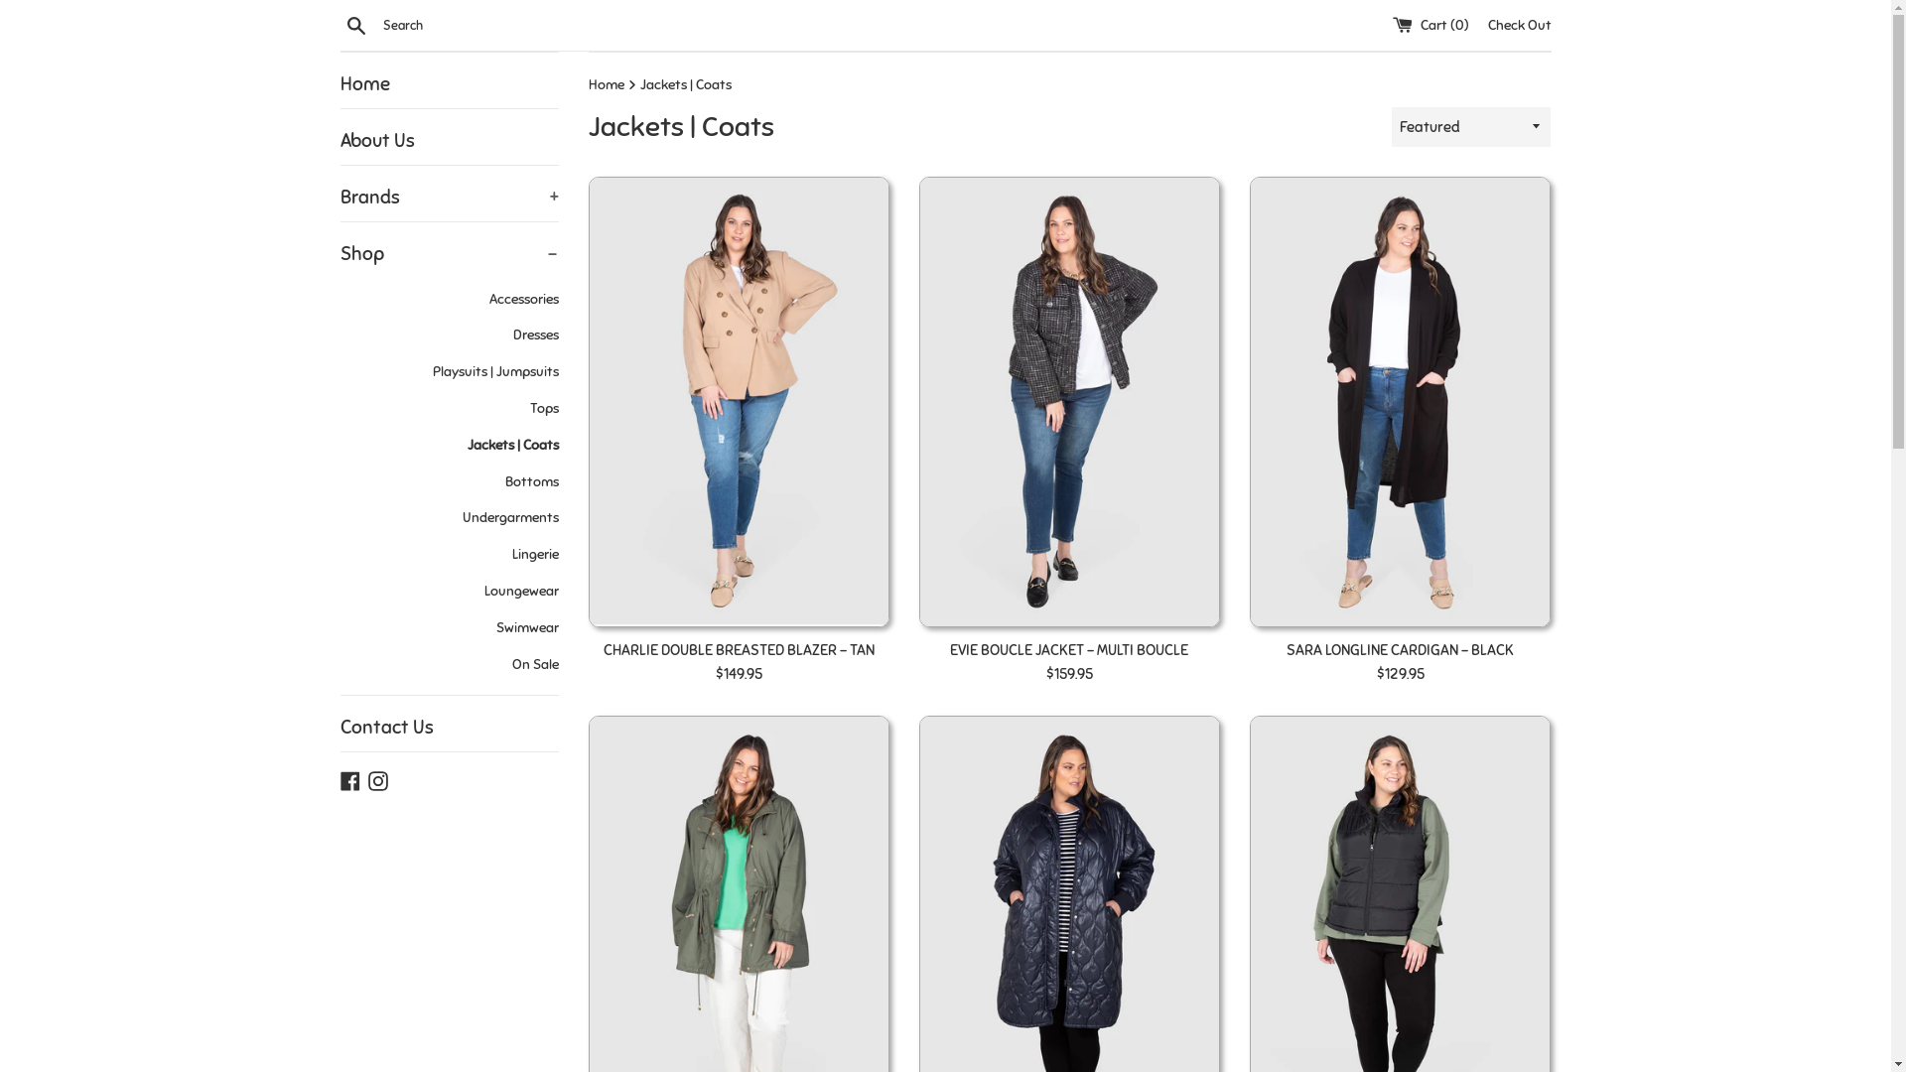 This screenshot has height=1072, width=1906. What do you see at coordinates (447, 555) in the screenshot?
I see `'Lingerie'` at bounding box center [447, 555].